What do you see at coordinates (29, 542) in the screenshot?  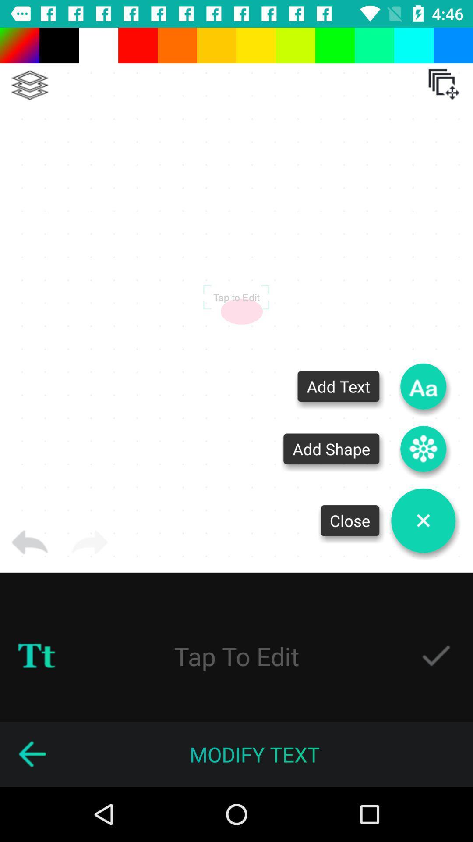 I see `return to previous` at bounding box center [29, 542].